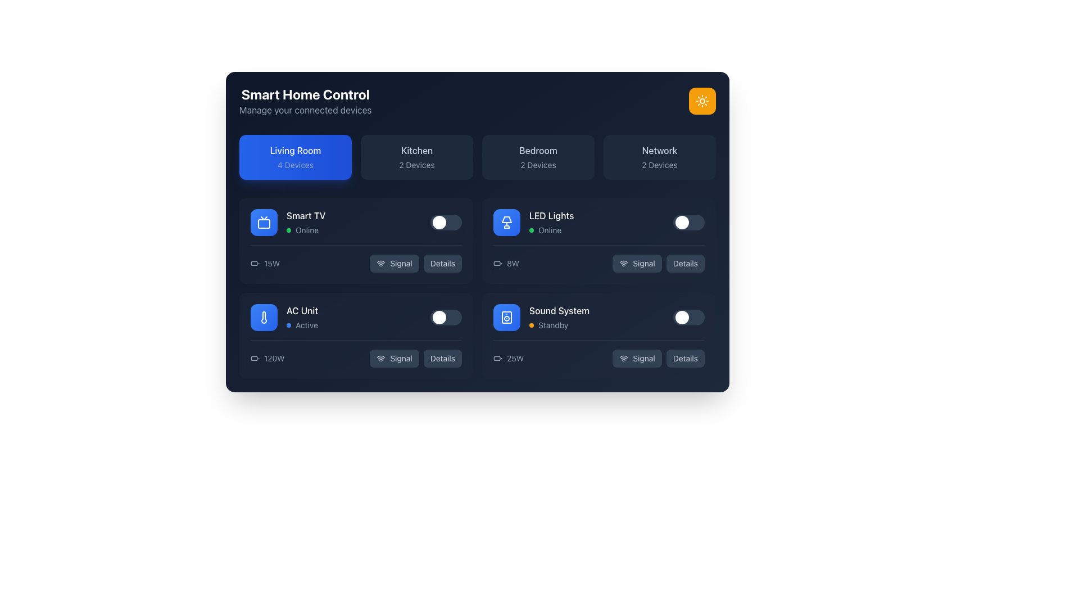 Image resolution: width=1079 pixels, height=607 pixels. What do you see at coordinates (355, 352) in the screenshot?
I see `the 'Signal' button located in the information display row of the 'AC Unit' card, which provides detailed information and options for the device` at bounding box center [355, 352].